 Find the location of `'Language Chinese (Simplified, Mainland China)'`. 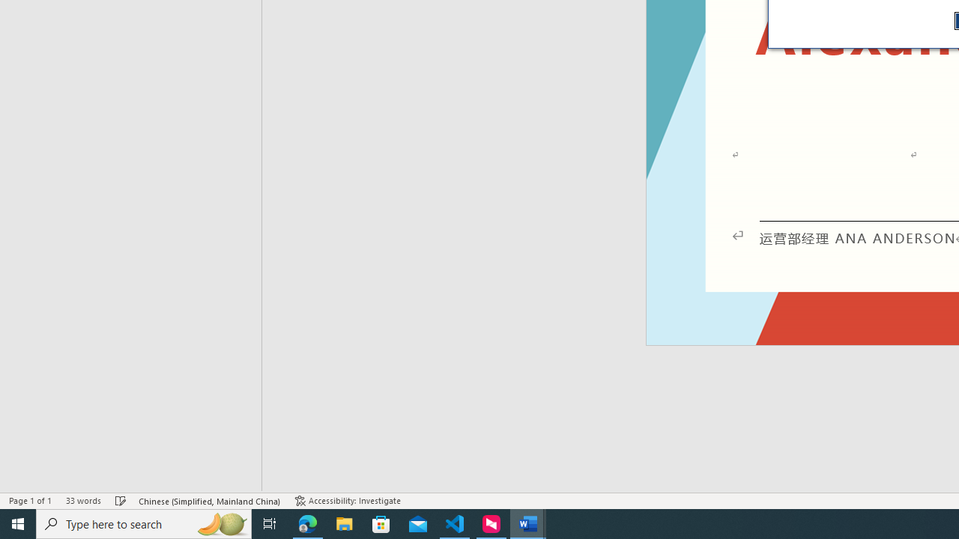

'Language Chinese (Simplified, Mainland China)' is located at coordinates (209, 501).